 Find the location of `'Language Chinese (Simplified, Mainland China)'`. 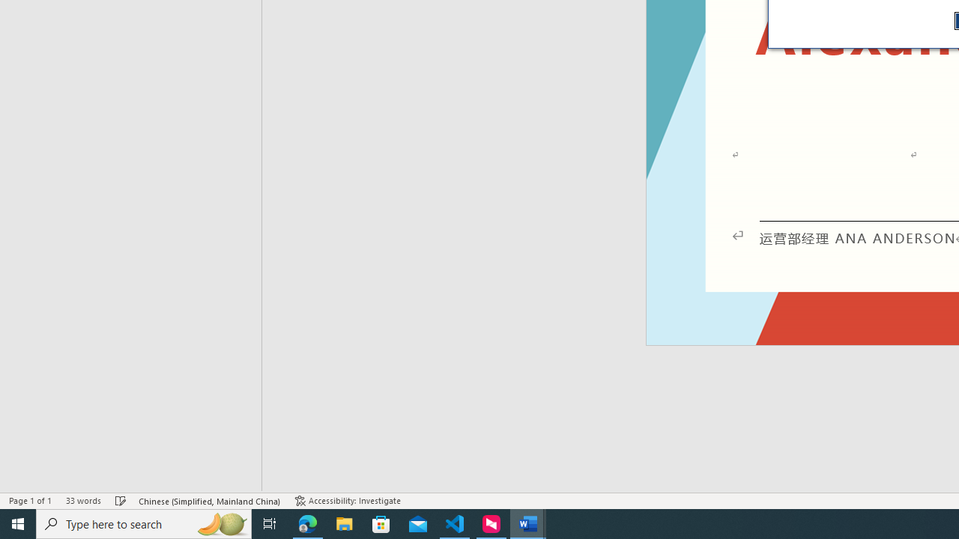

'Language Chinese (Simplified, Mainland China)' is located at coordinates (209, 501).